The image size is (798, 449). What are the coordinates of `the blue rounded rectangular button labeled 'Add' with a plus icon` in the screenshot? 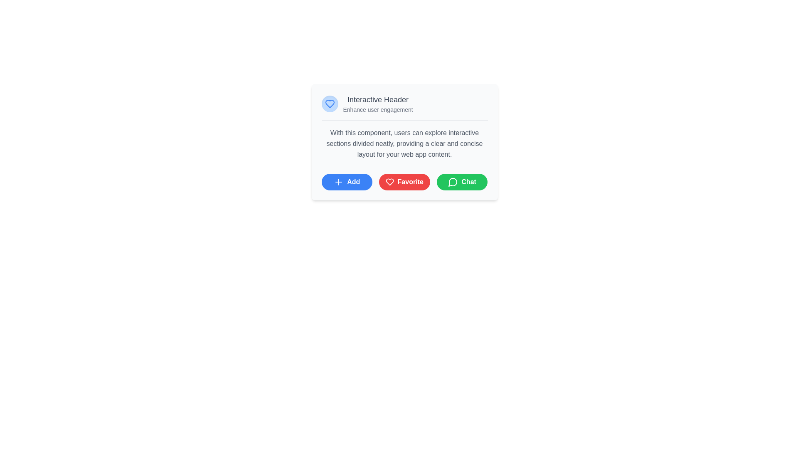 It's located at (347, 182).